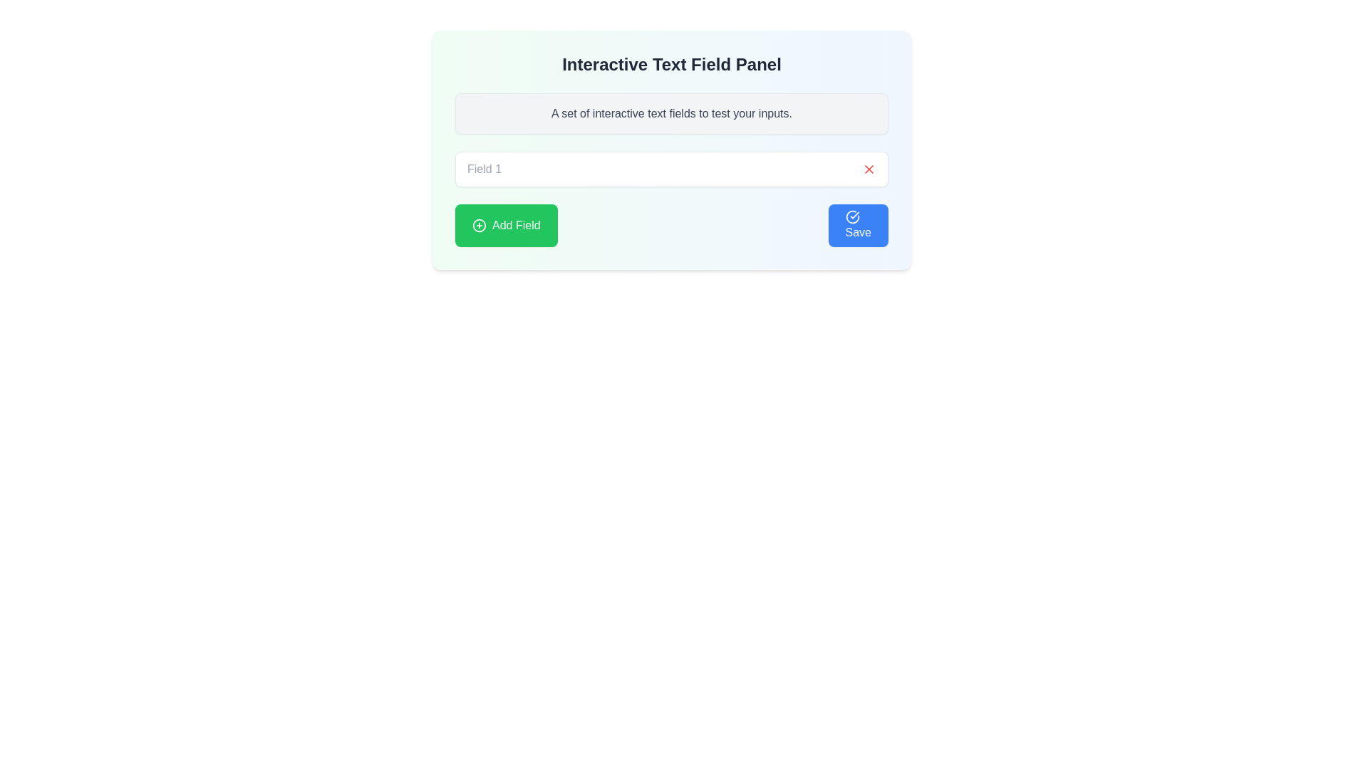 Image resolution: width=1368 pixels, height=769 pixels. I want to click on the close or delete button located on the right-hand side of the text input box labeled 'Field 1', so click(868, 169).